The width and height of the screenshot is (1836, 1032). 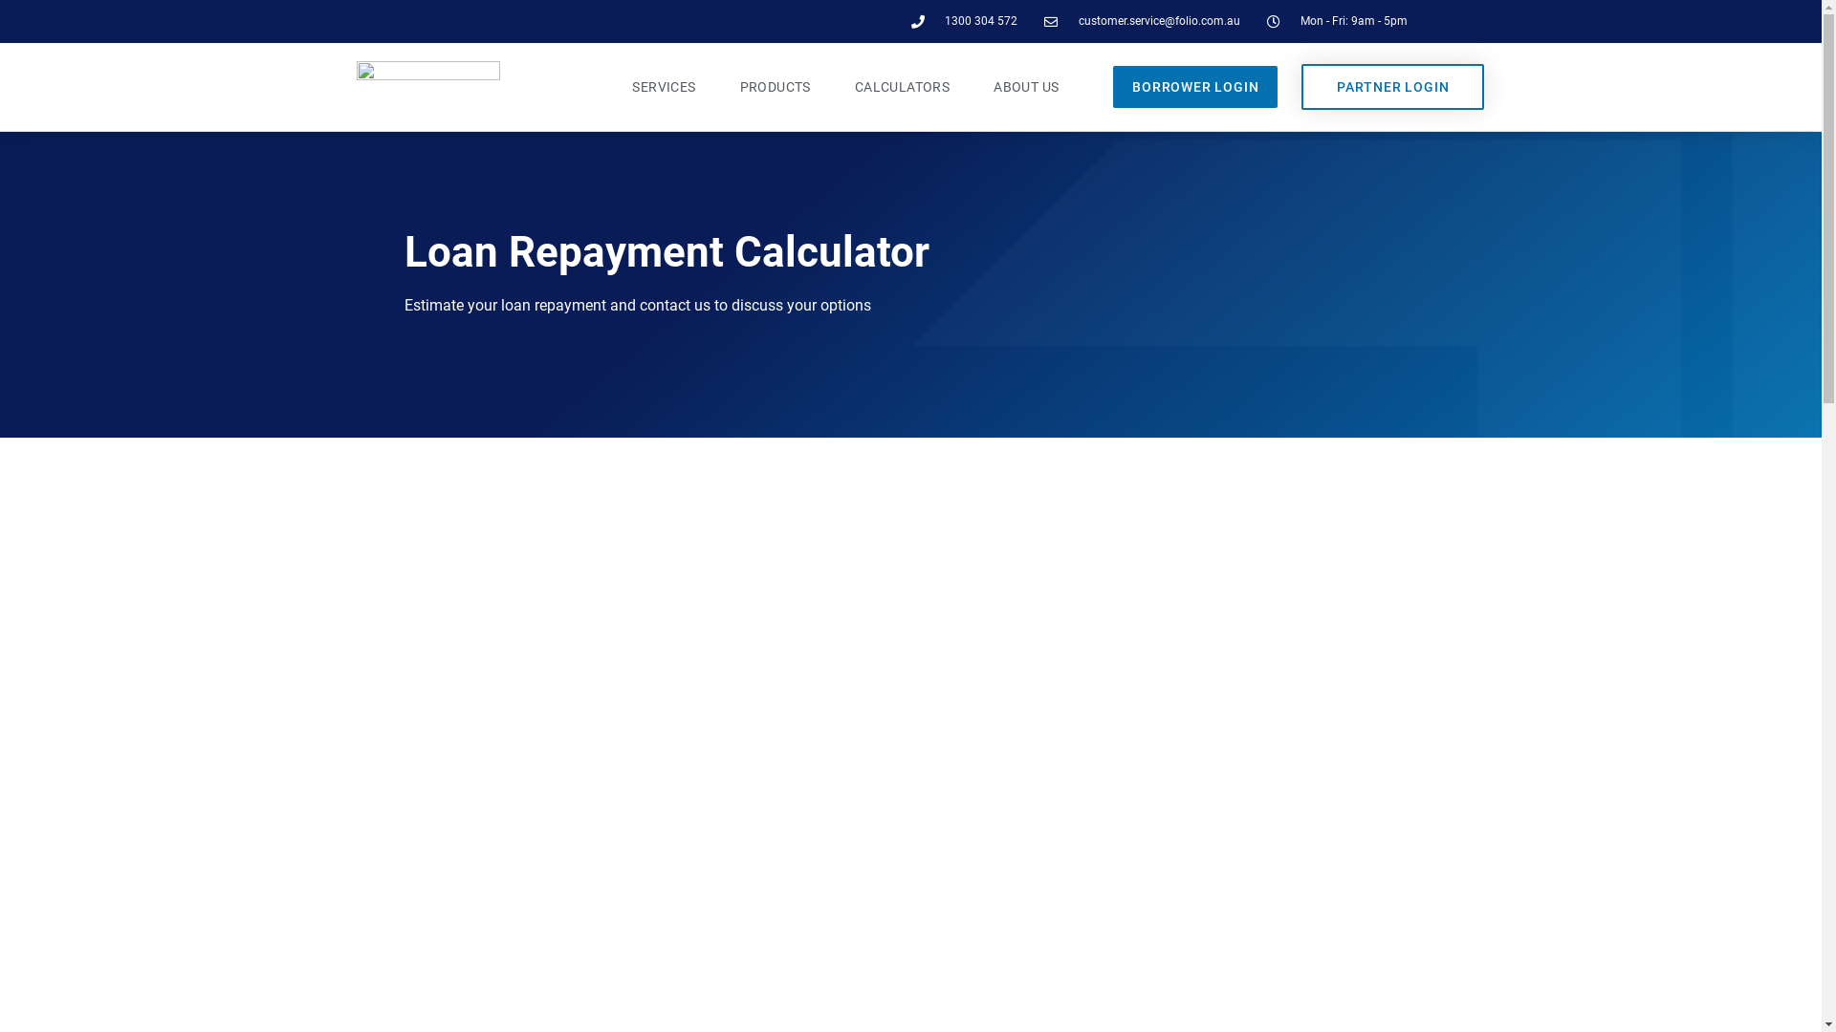 What do you see at coordinates (1142, 22) in the screenshot?
I see `'customer.service@folio.com.au'` at bounding box center [1142, 22].